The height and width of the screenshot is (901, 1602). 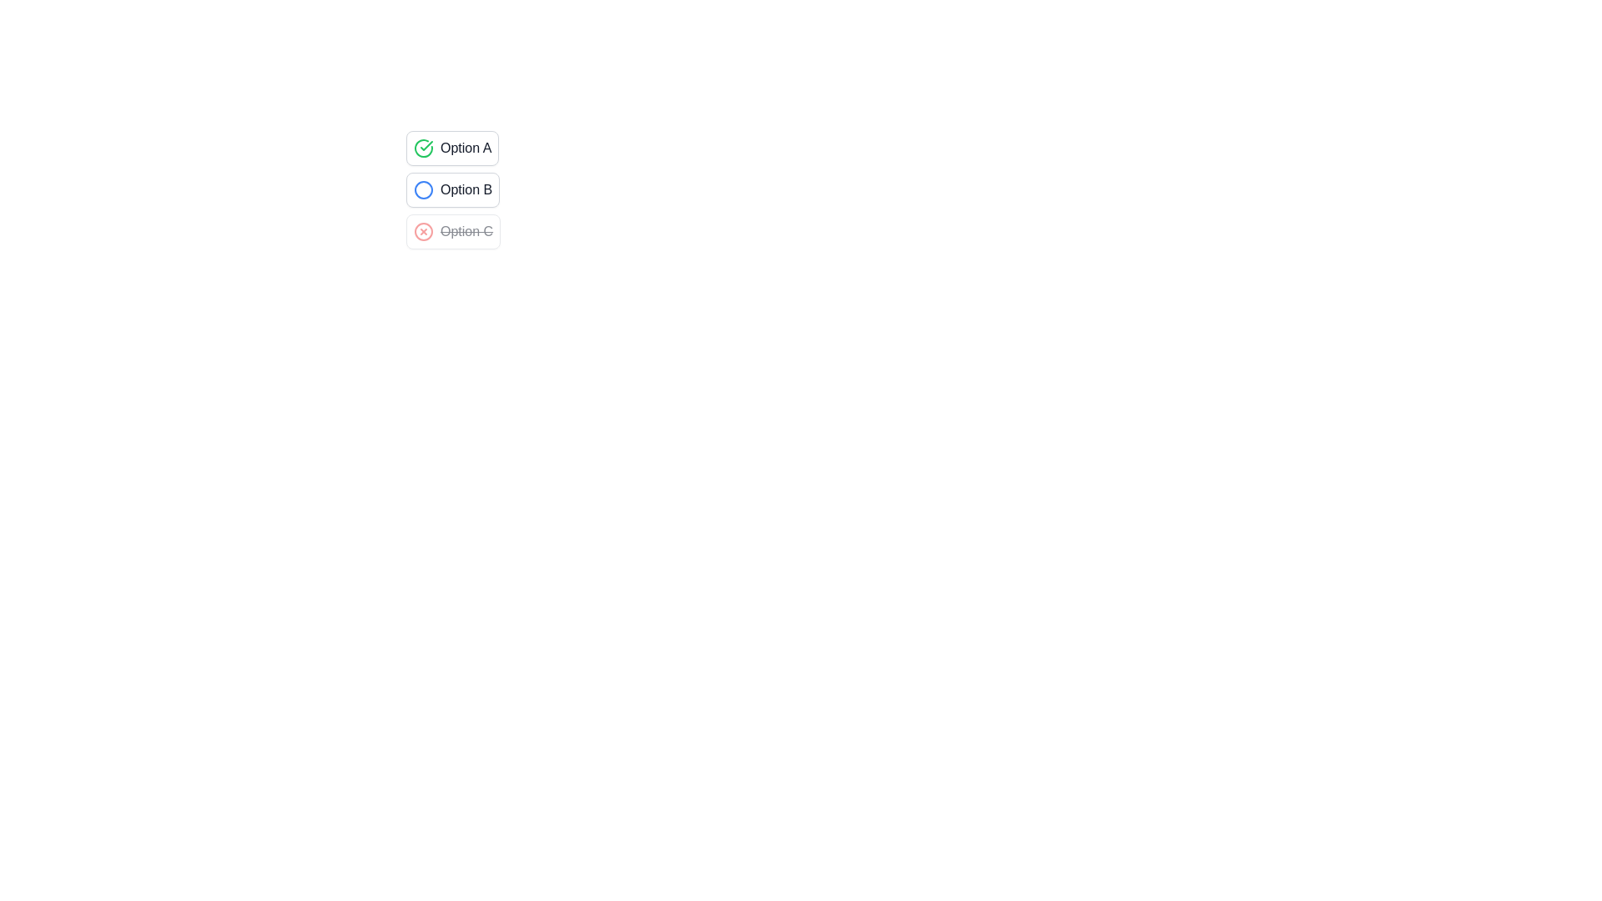 I want to click on the second radio button option in the vertical list, so click(x=453, y=189).